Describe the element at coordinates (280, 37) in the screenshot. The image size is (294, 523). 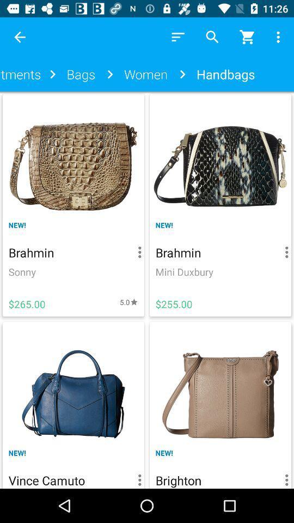
I see `more option at right side of trolly icon` at that location.